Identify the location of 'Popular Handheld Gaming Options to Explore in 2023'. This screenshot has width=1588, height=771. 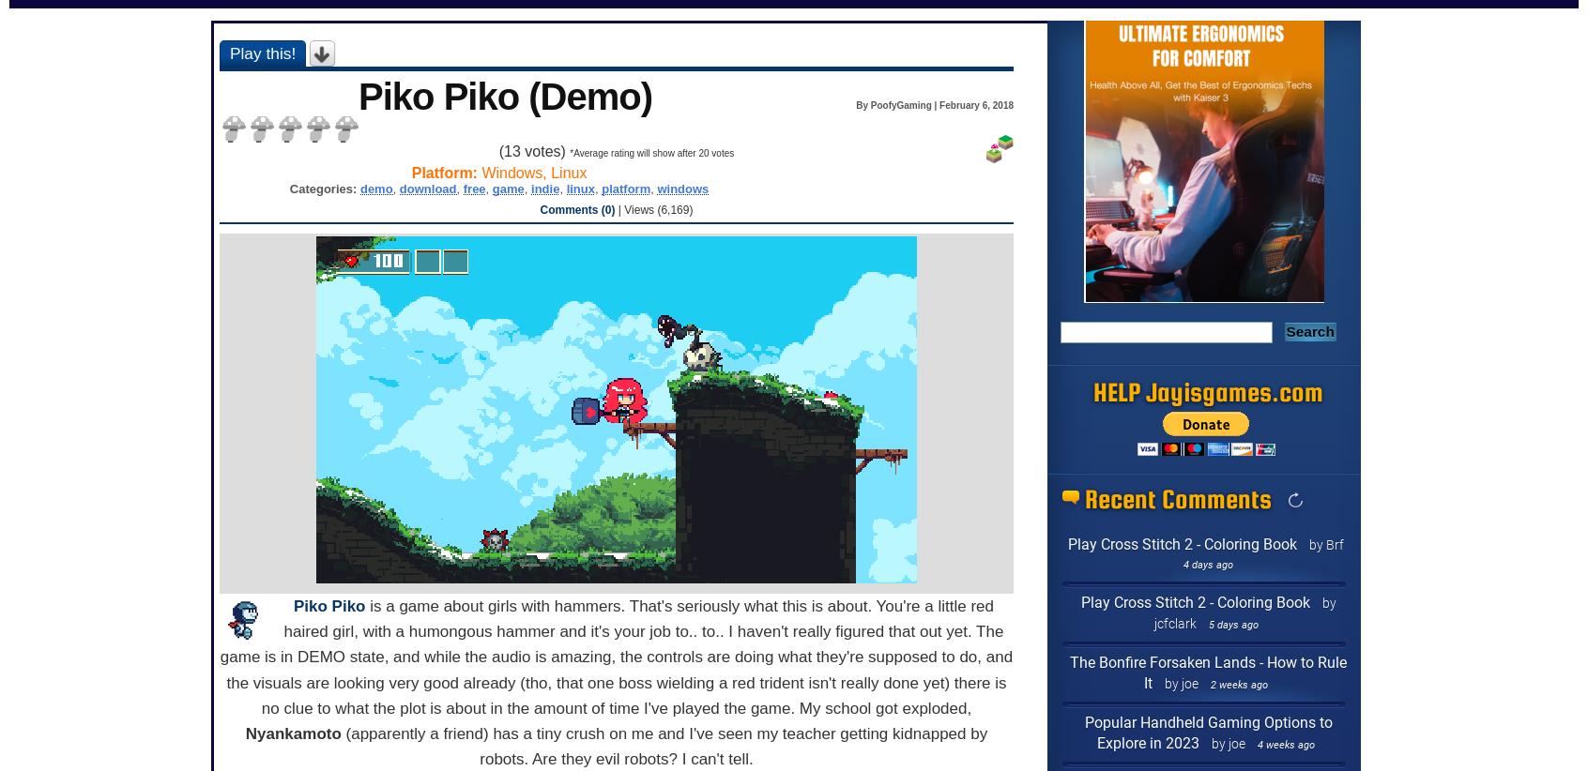
(1206, 731).